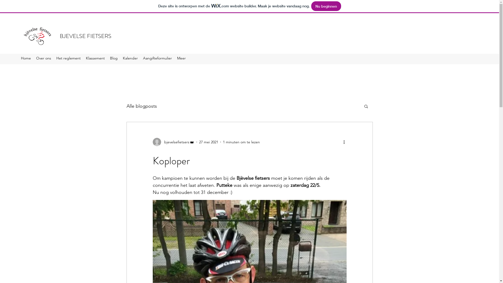  I want to click on 'Kalender', so click(130, 59).